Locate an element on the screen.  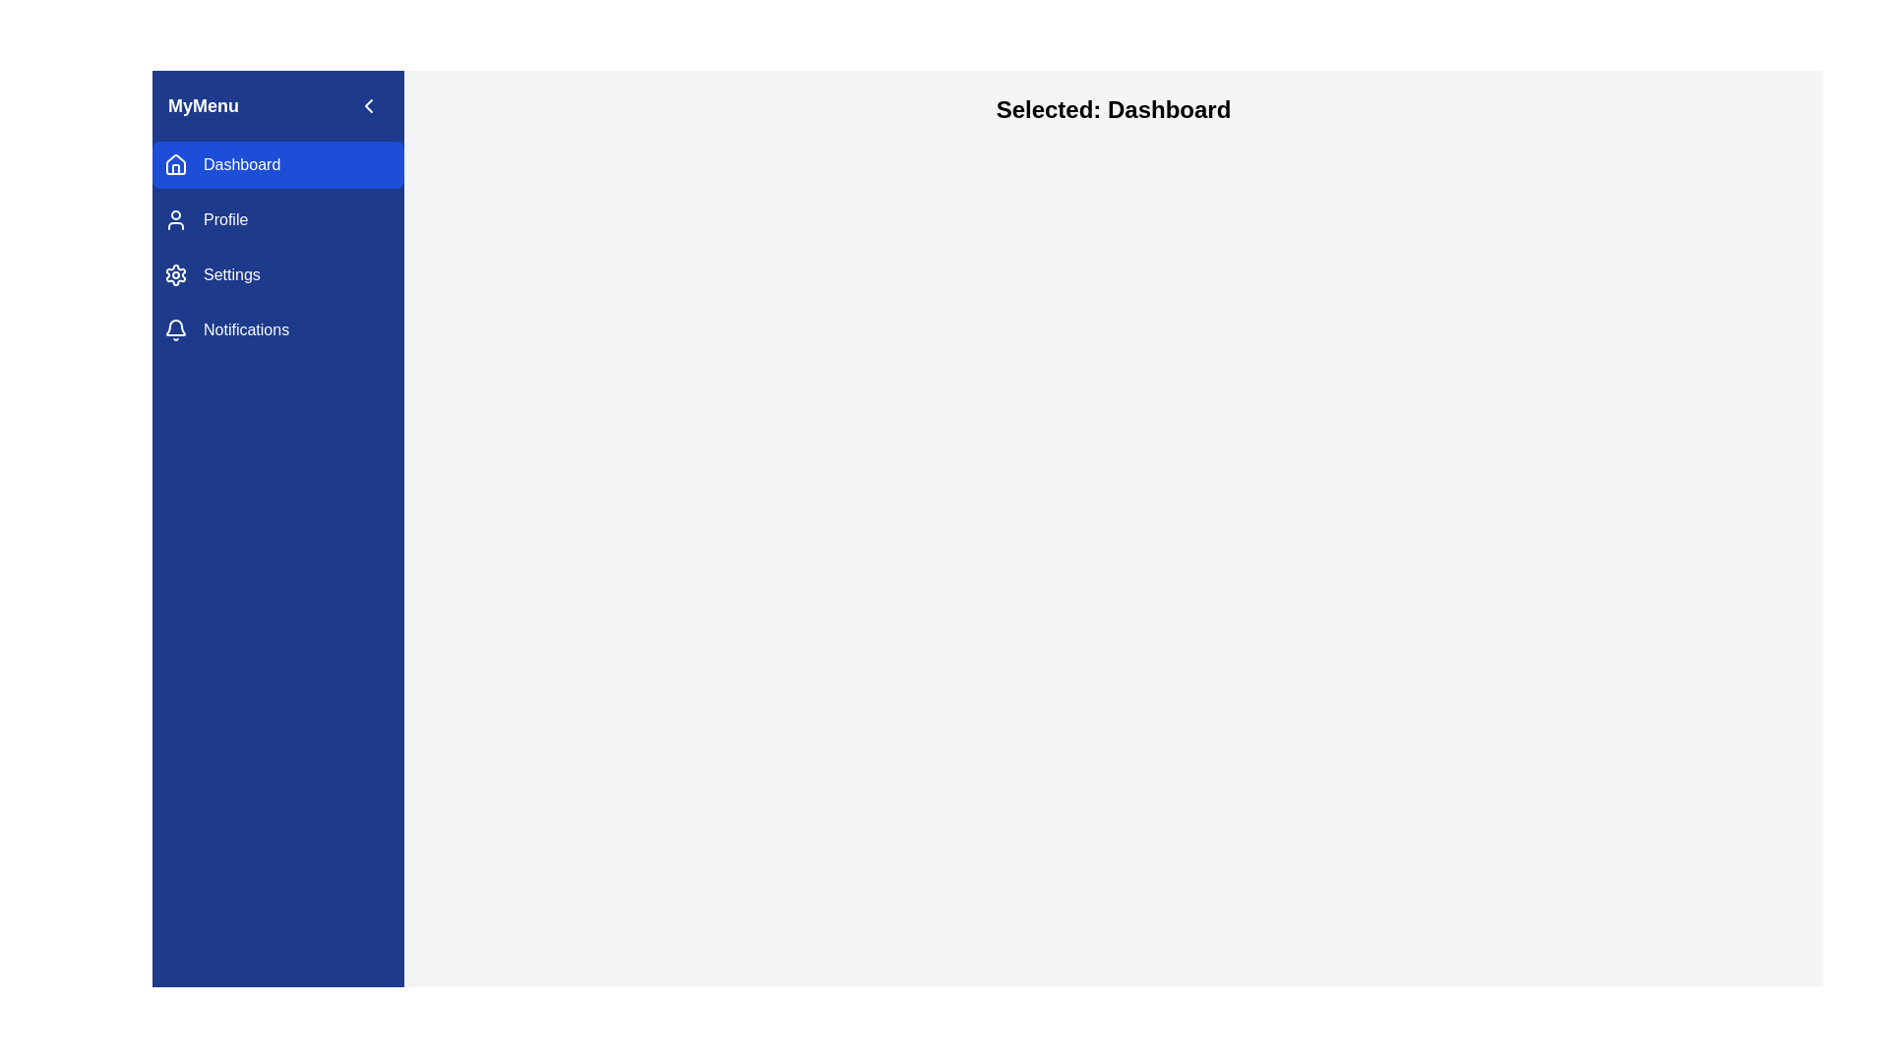
the navigation menu item located on the left side of the user interface is located at coordinates (277, 246).